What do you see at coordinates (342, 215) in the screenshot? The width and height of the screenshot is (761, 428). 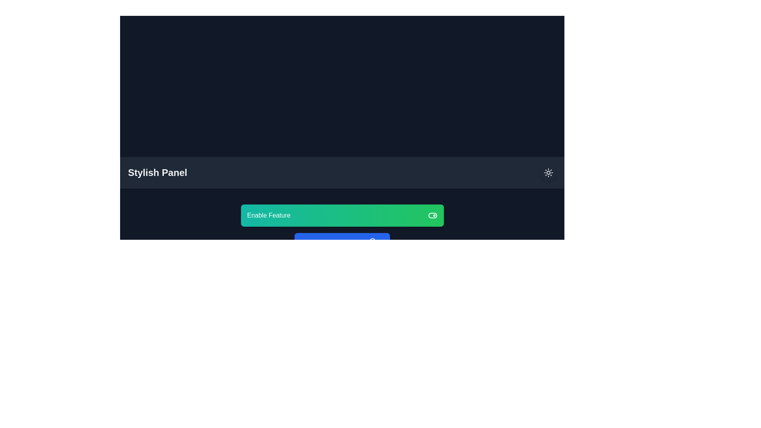 I see `keyboard navigation` at bounding box center [342, 215].